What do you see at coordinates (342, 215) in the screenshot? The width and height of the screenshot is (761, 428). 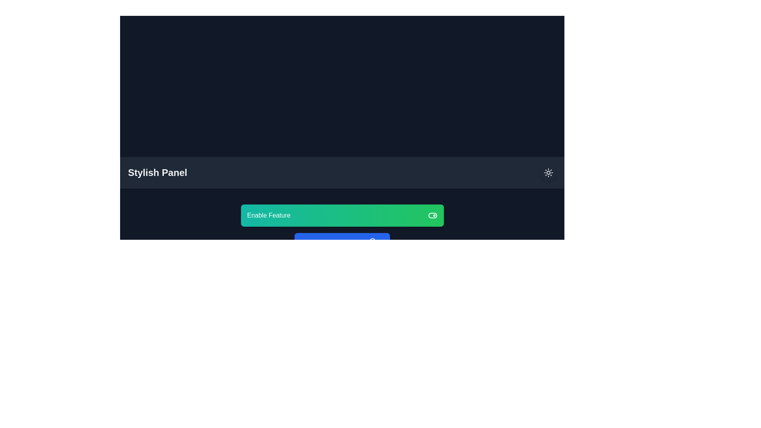 I see `keyboard navigation` at bounding box center [342, 215].